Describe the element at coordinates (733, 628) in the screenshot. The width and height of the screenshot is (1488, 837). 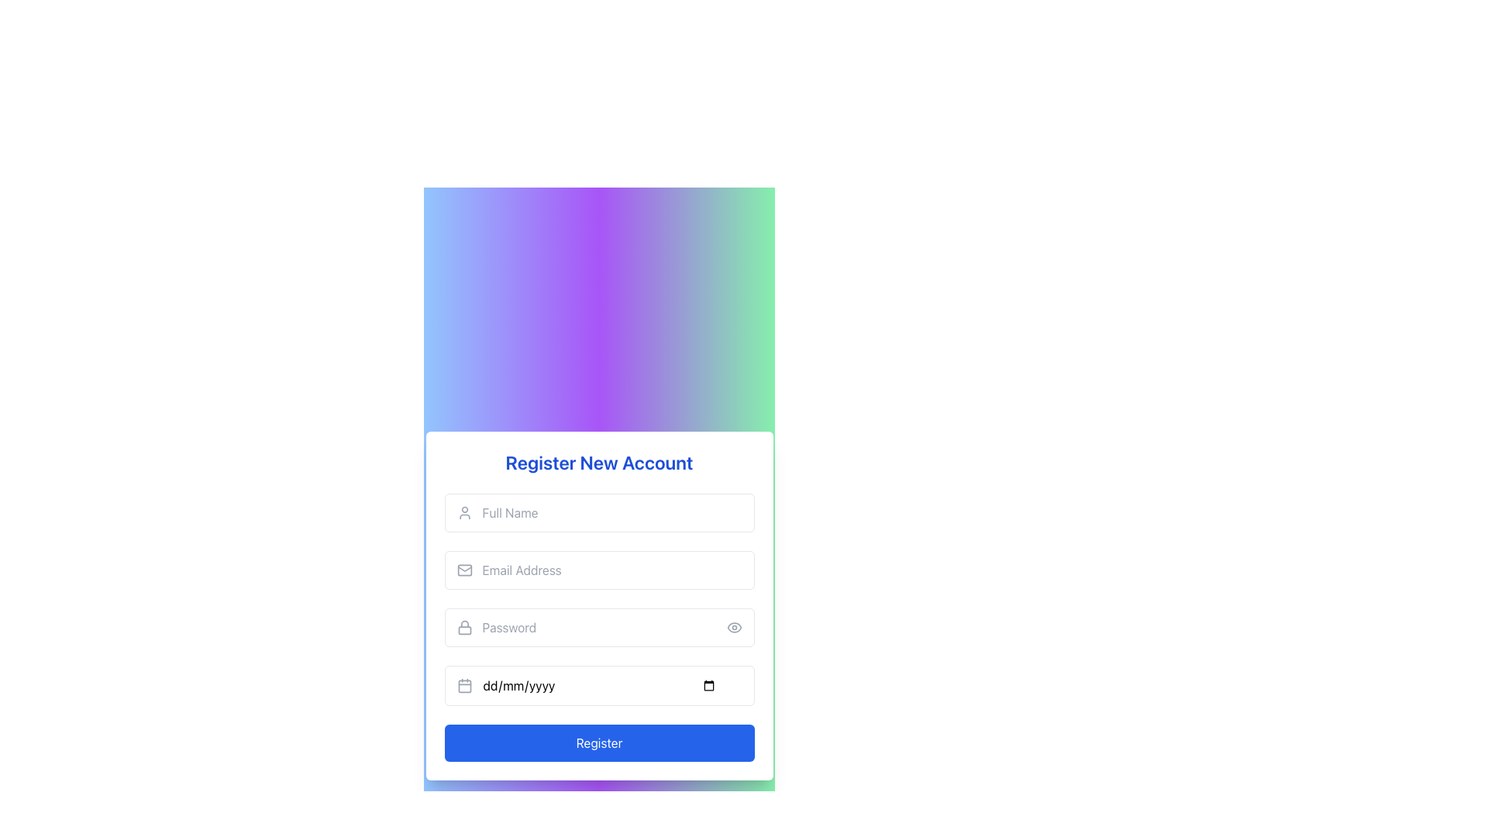
I see `the visibility toggle icon above the password field in the registration form` at that location.